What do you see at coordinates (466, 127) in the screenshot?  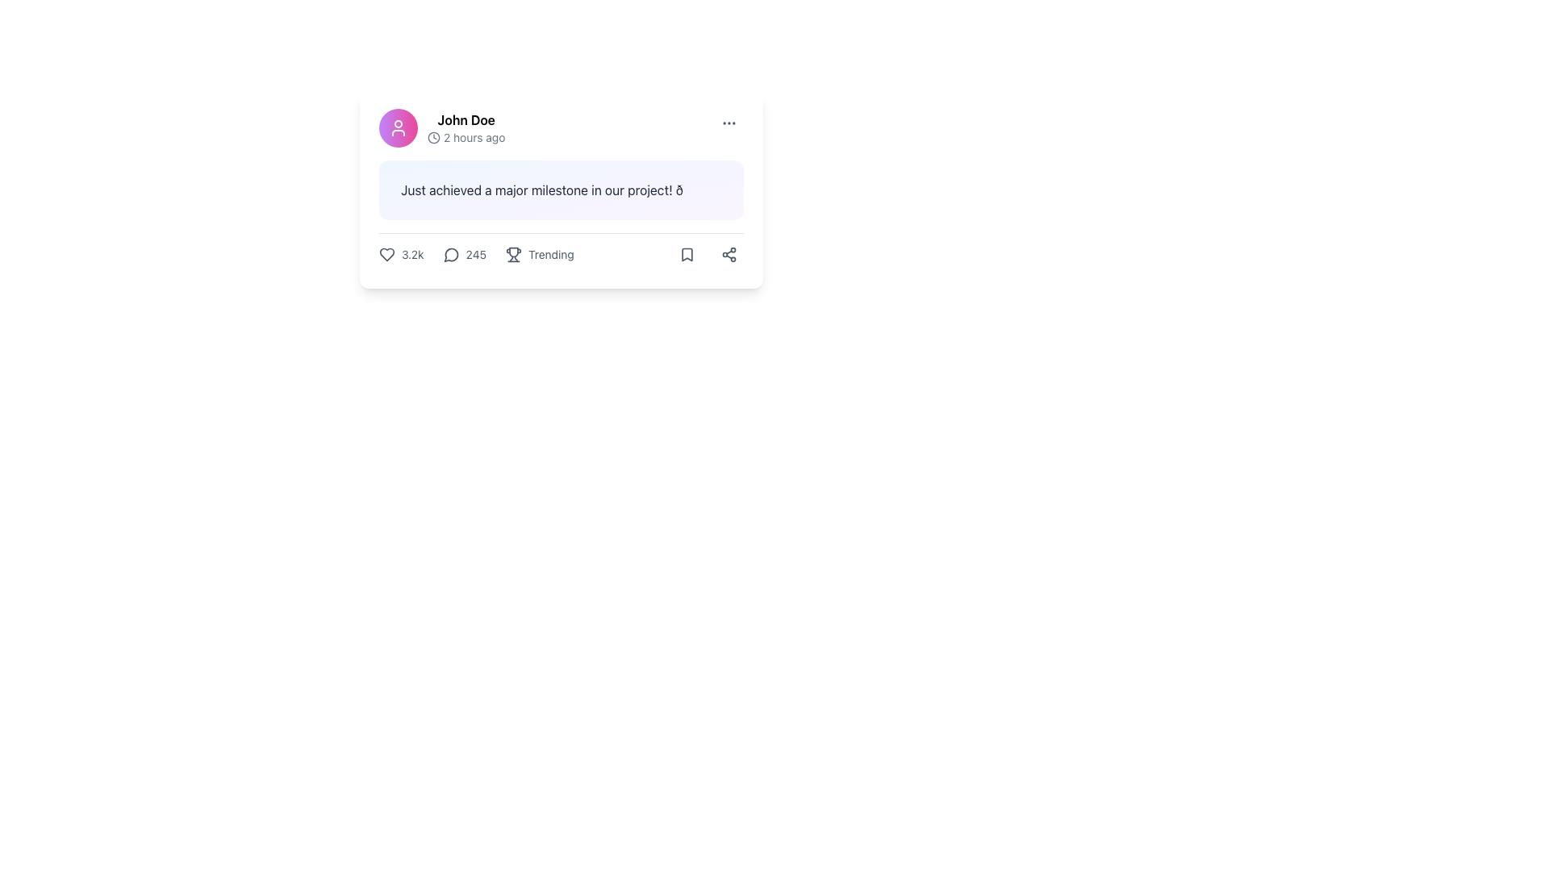 I see `the author's name in the top left section of the user post card` at bounding box center [466, 127].